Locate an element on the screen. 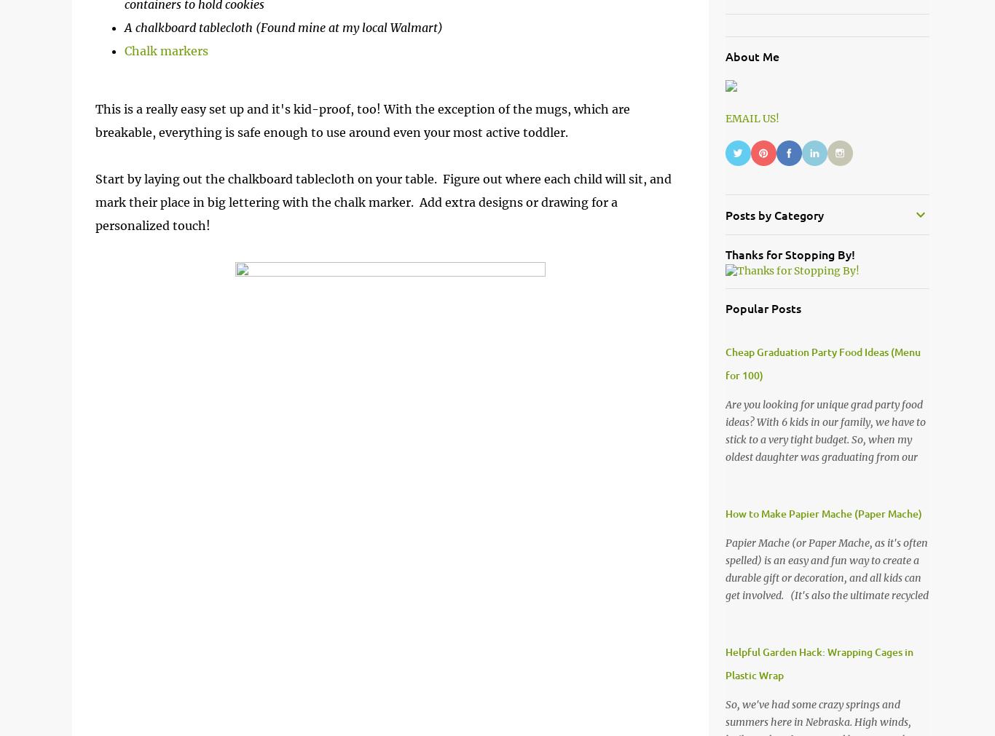  'About Me' is located at coordinates (724, 55).